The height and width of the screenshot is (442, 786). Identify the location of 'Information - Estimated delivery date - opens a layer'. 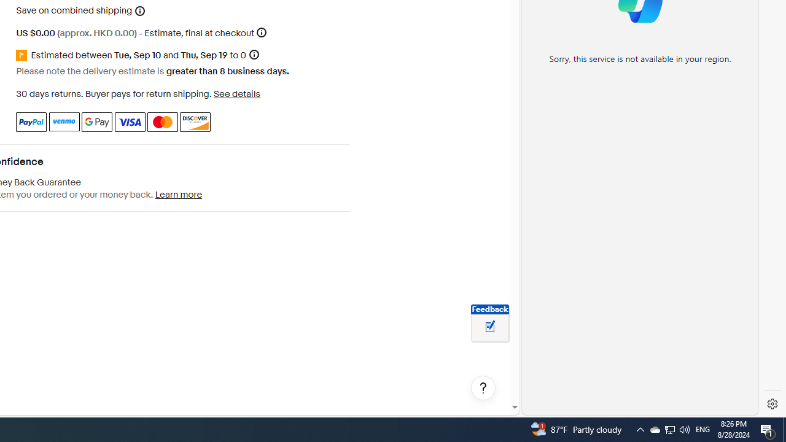
(253, 54).